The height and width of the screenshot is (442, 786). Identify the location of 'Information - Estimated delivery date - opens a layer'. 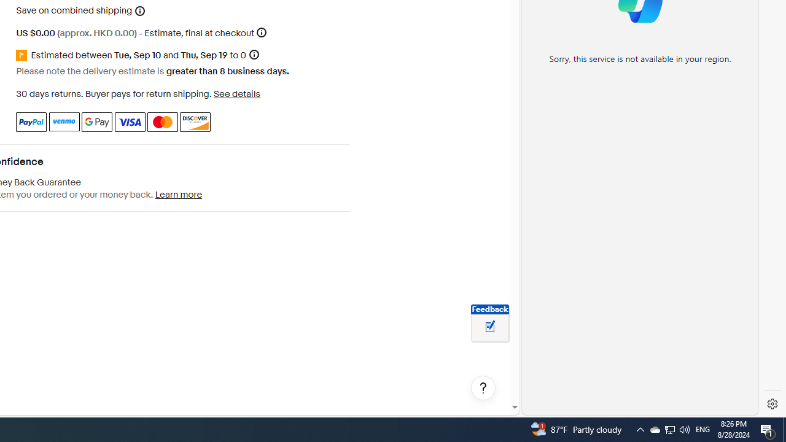
(253, 54).